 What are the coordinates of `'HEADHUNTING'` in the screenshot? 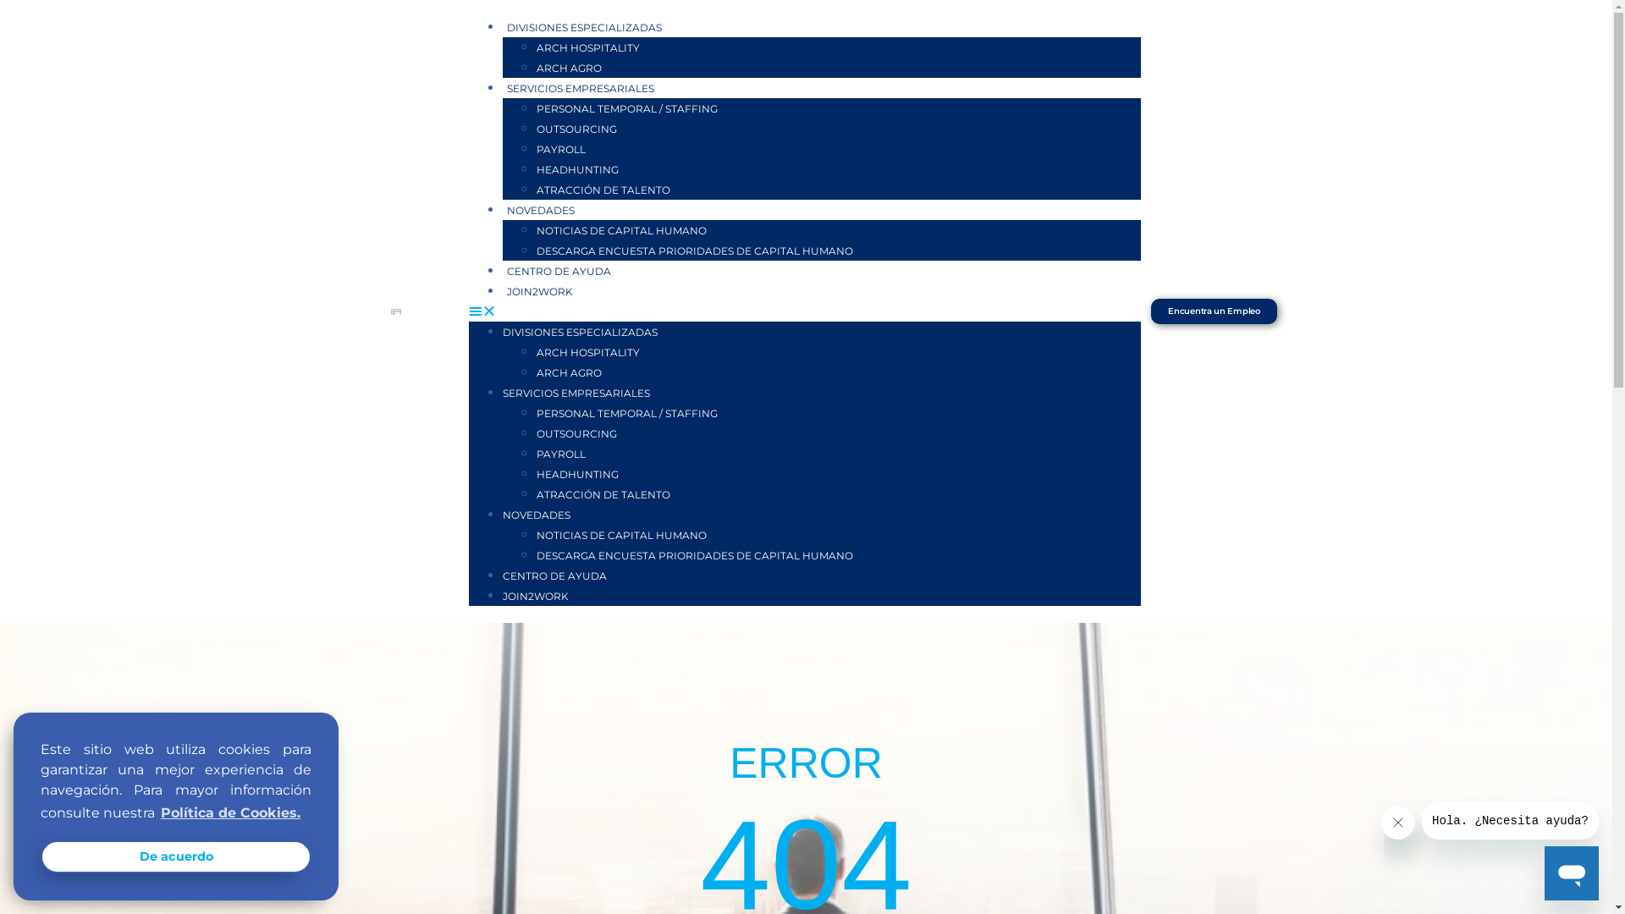 It's located at (577, 169).